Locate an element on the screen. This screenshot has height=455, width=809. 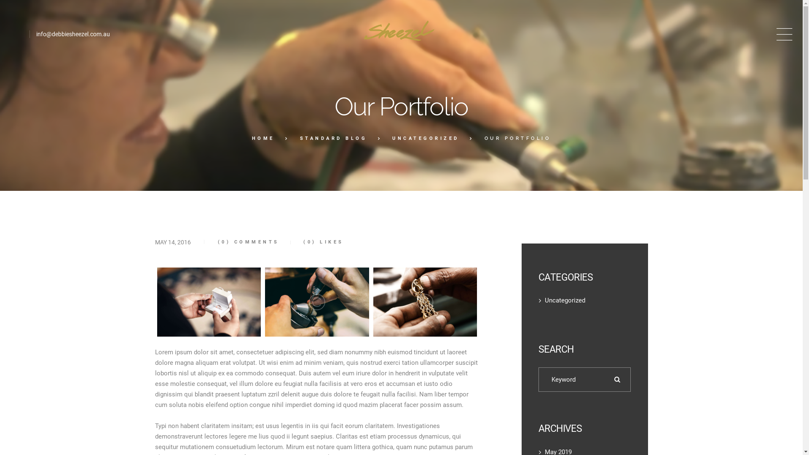
'Search for:' is located at coordinates (584, 380).